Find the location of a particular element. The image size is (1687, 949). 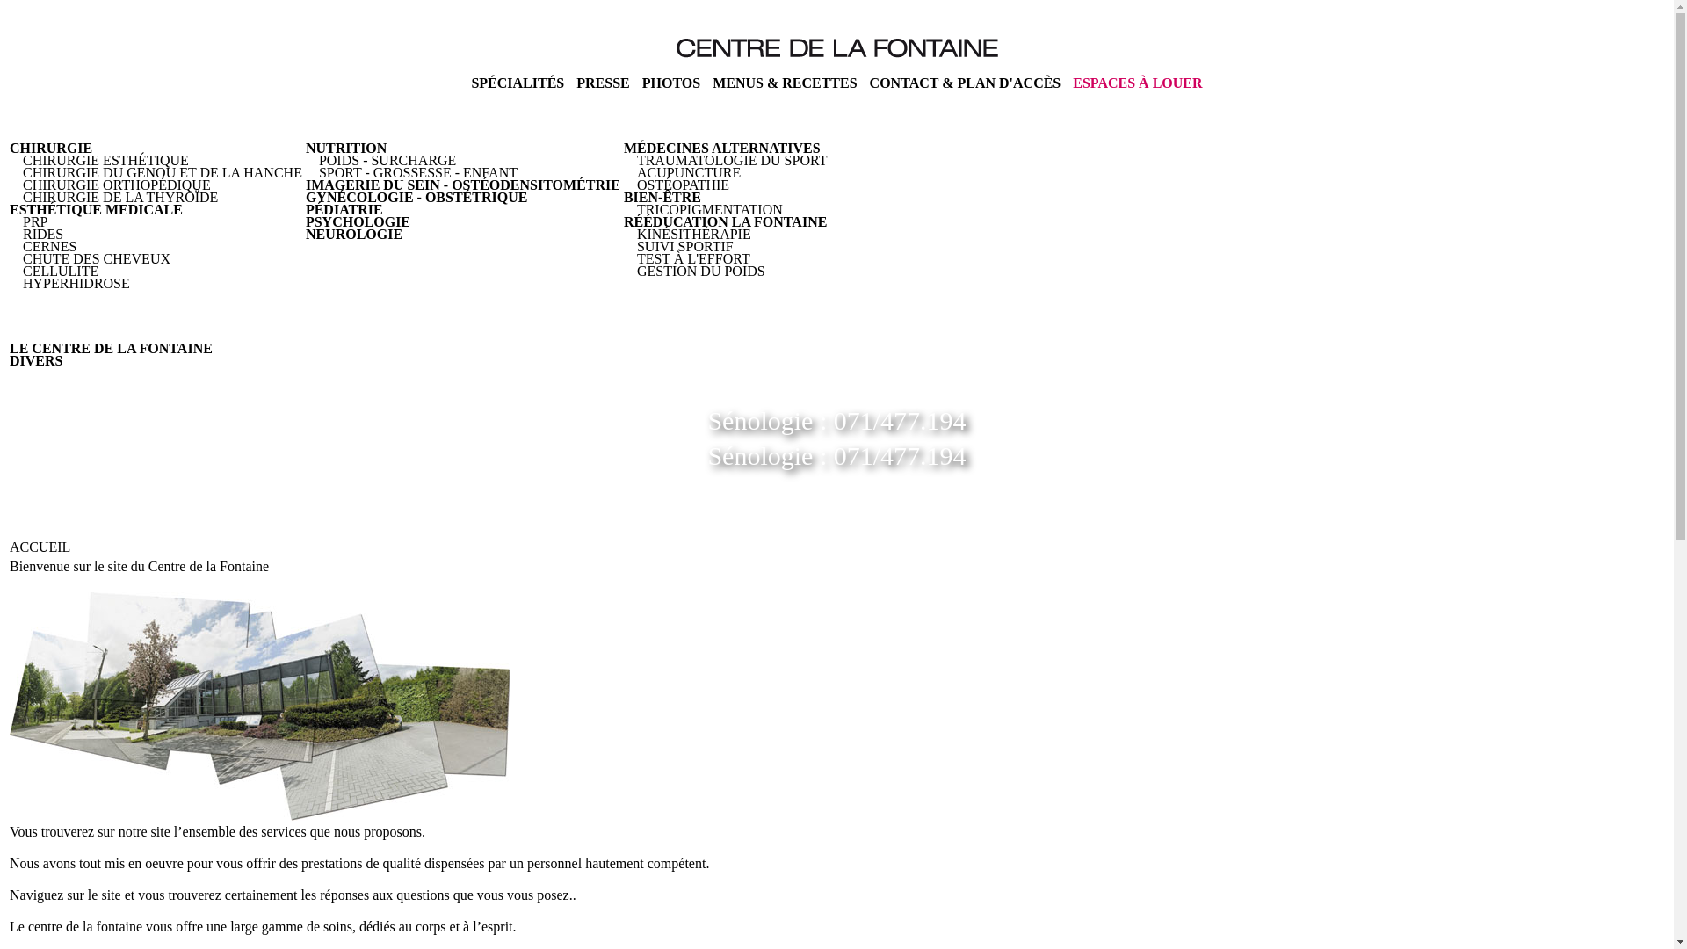

'POIDS - SURCHARGE' is located at coordinates (387, 160).